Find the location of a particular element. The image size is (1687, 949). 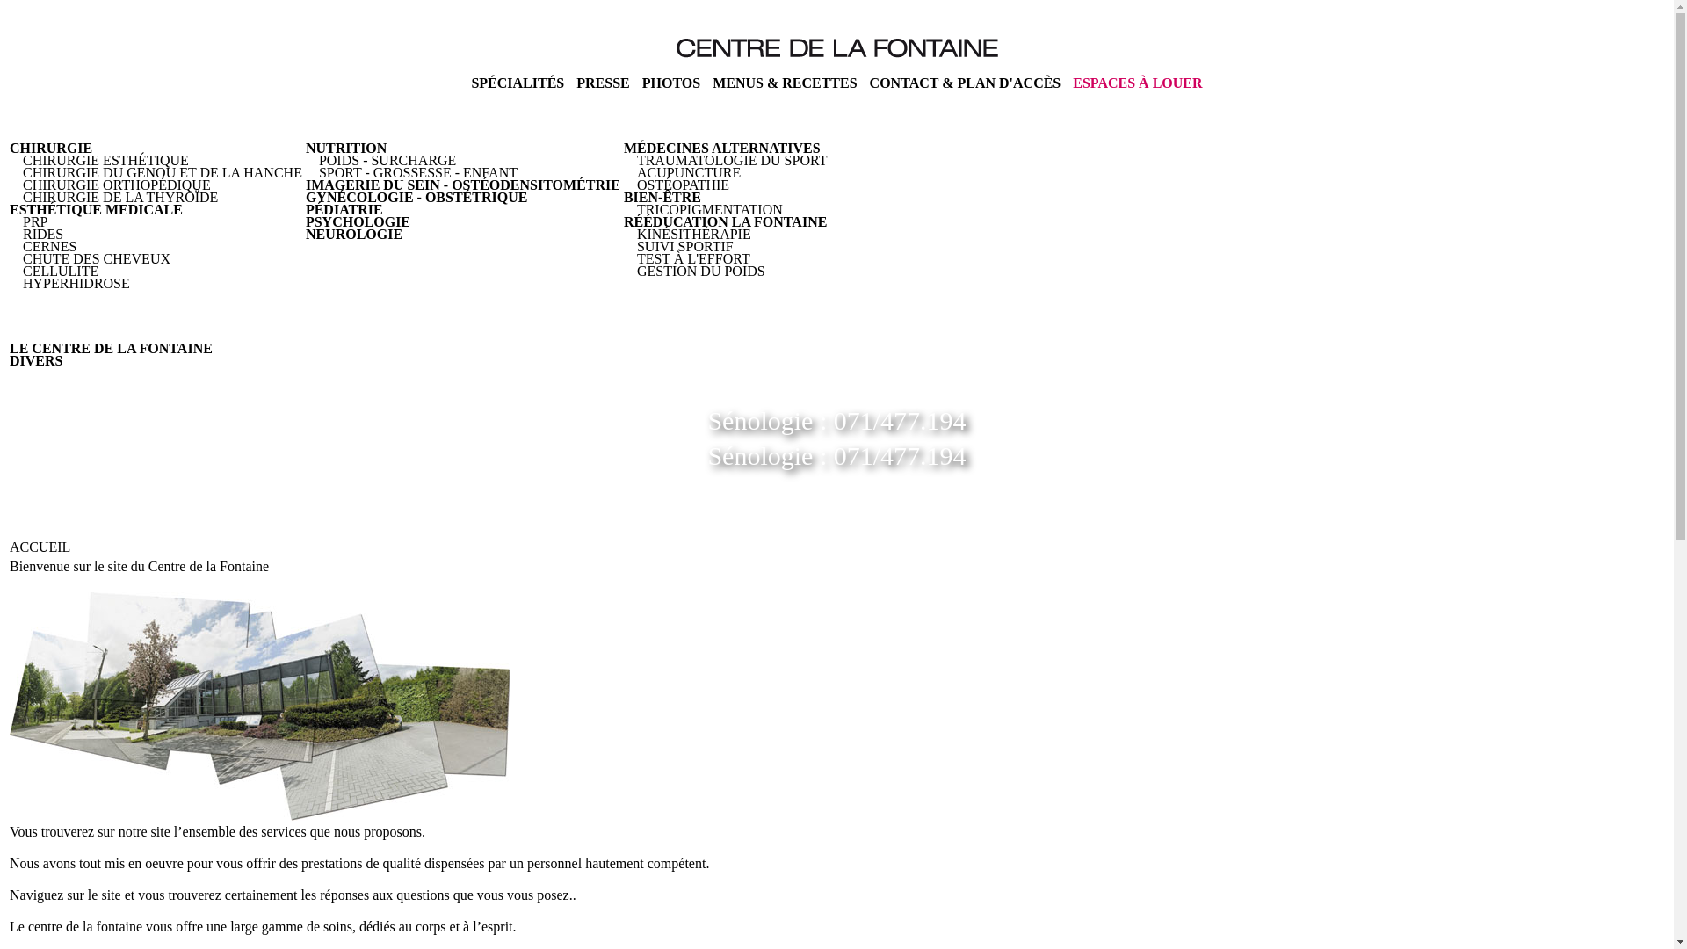

'POIDS - SURCHARGE' is located at coordinates (387, 160).